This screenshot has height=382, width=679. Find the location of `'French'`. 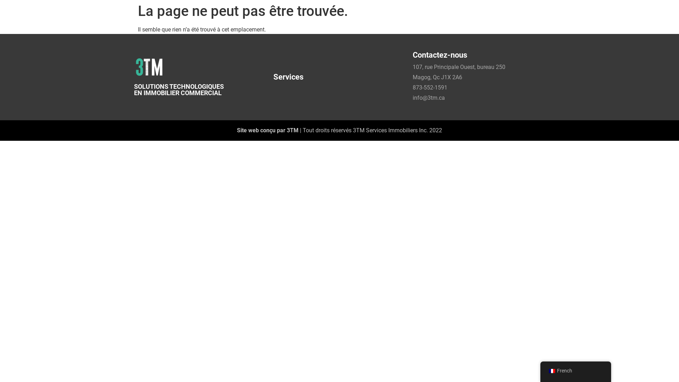

'French' is located at coordinates (548, 371).